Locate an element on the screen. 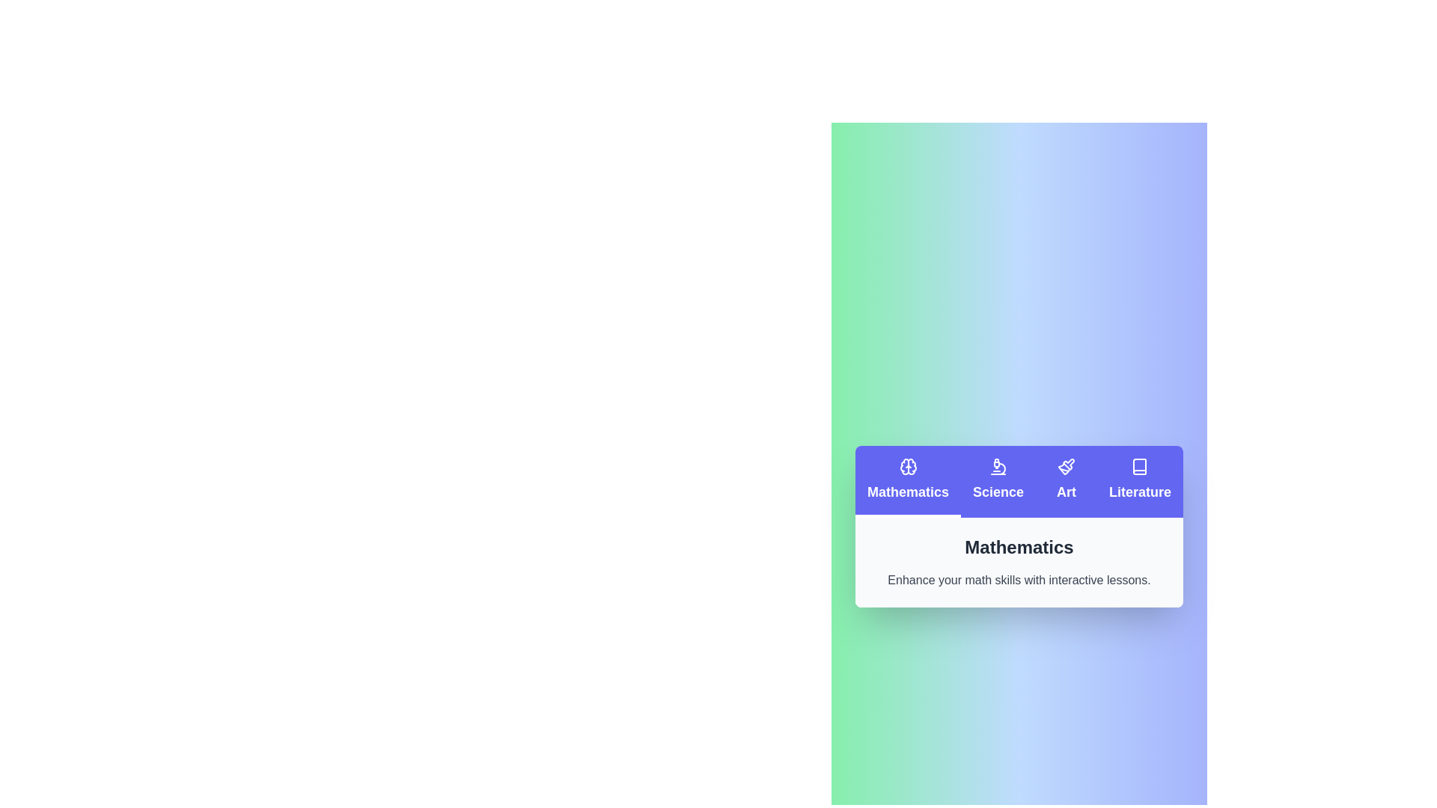  the Science tab by clicking on it is located at coordinates (998, 482).